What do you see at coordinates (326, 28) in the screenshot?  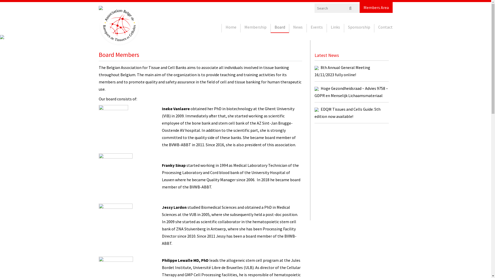 I see `'Links'` at bounding box center [326, 28].